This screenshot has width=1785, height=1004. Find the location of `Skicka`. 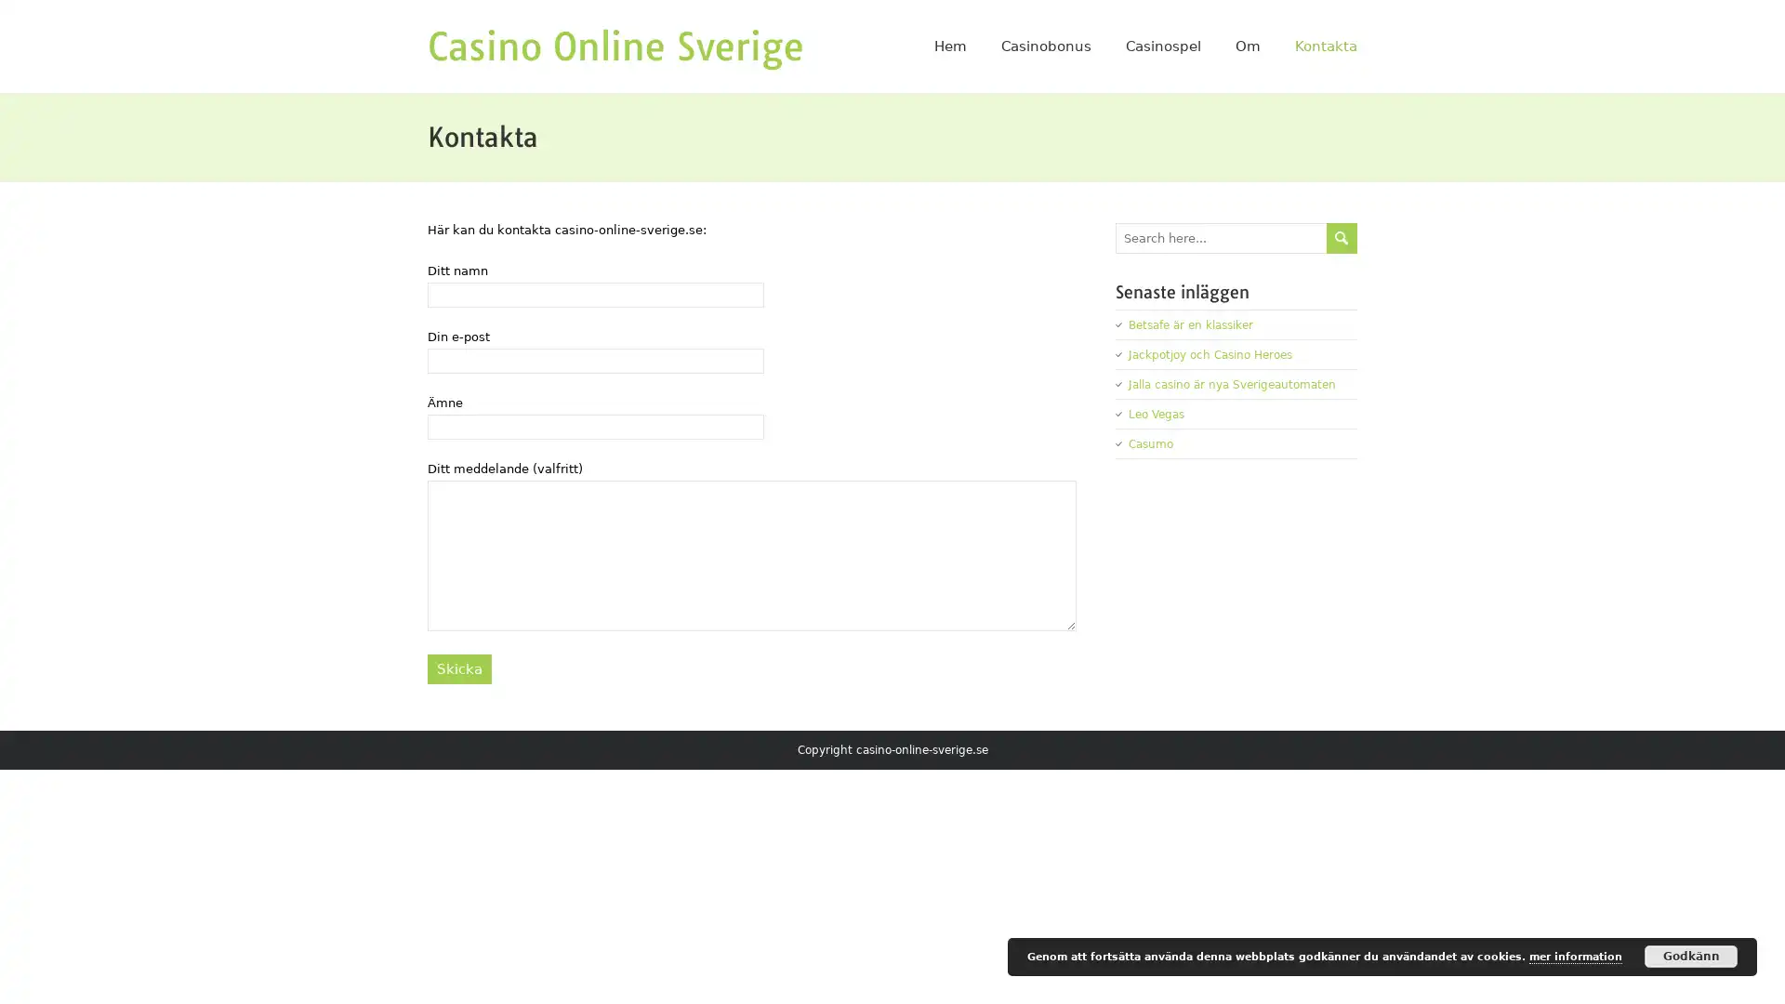

Skicka is located at coordinates (459, 667).